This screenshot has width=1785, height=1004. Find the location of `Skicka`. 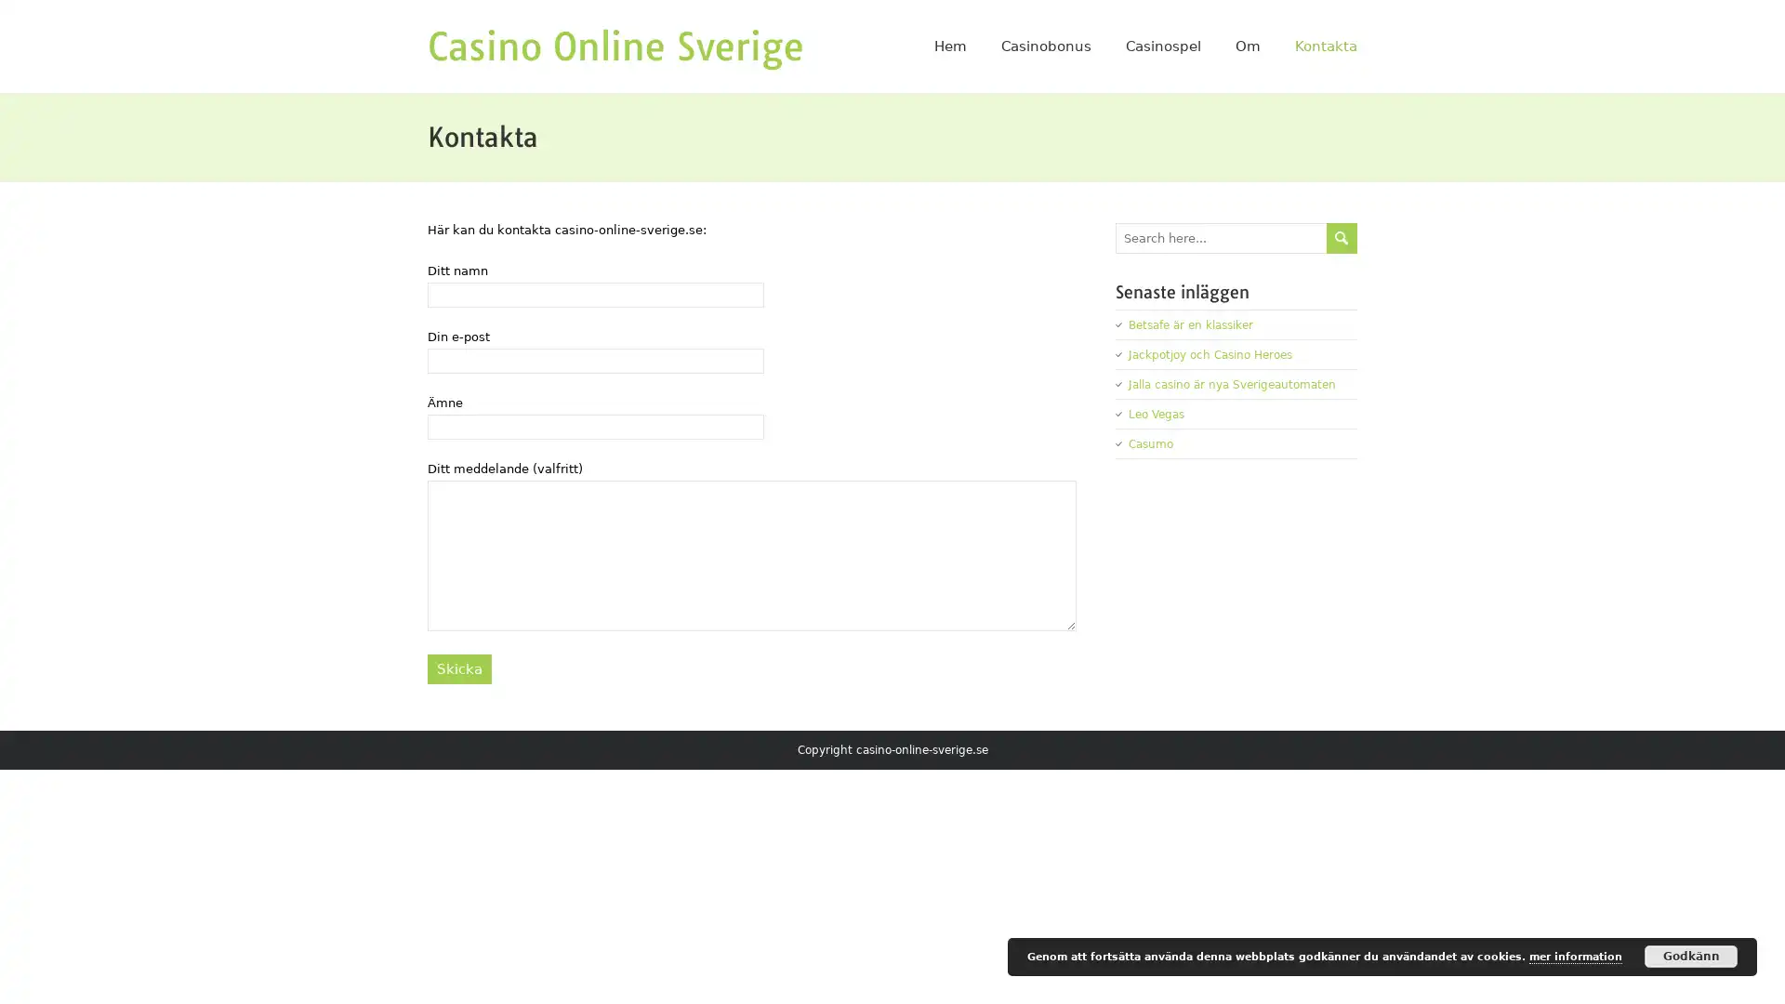

Skicka is located at coordinates (459, 667).